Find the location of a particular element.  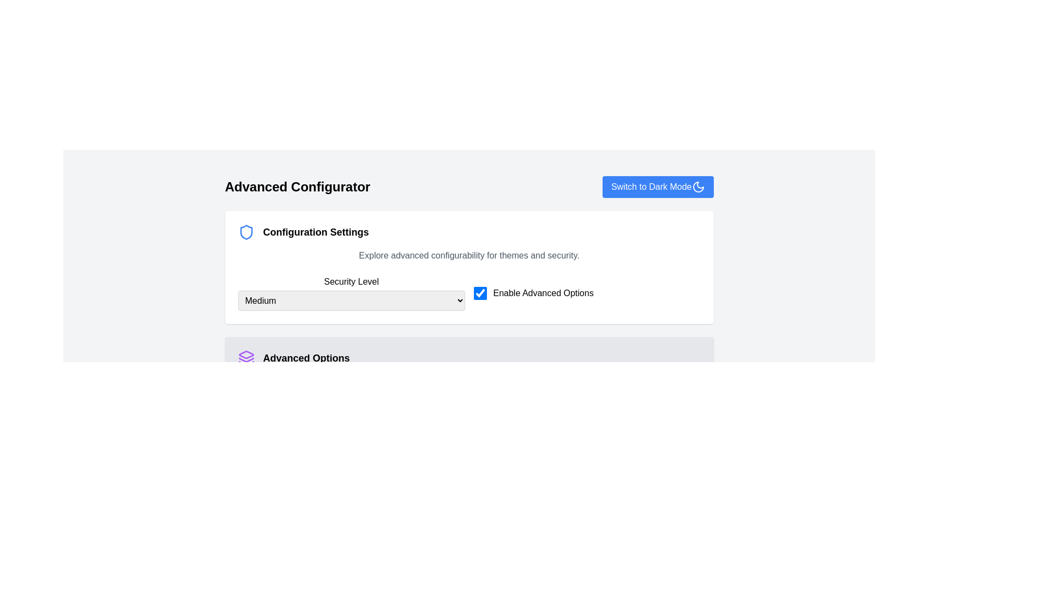

the 'Advanced Configurator' heading text, which serves as the title for the associated interface elements is located at coordinates (297, 187).